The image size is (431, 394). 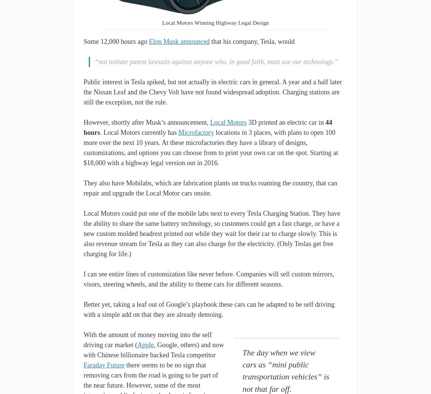 I want to click on '44 hours', so click(x=208, y=127).